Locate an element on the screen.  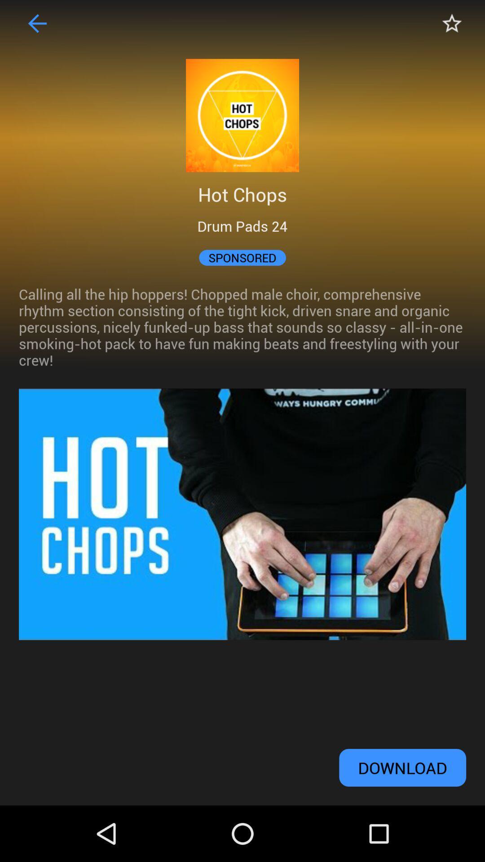
the star icon is located at coordinates (447, 25).